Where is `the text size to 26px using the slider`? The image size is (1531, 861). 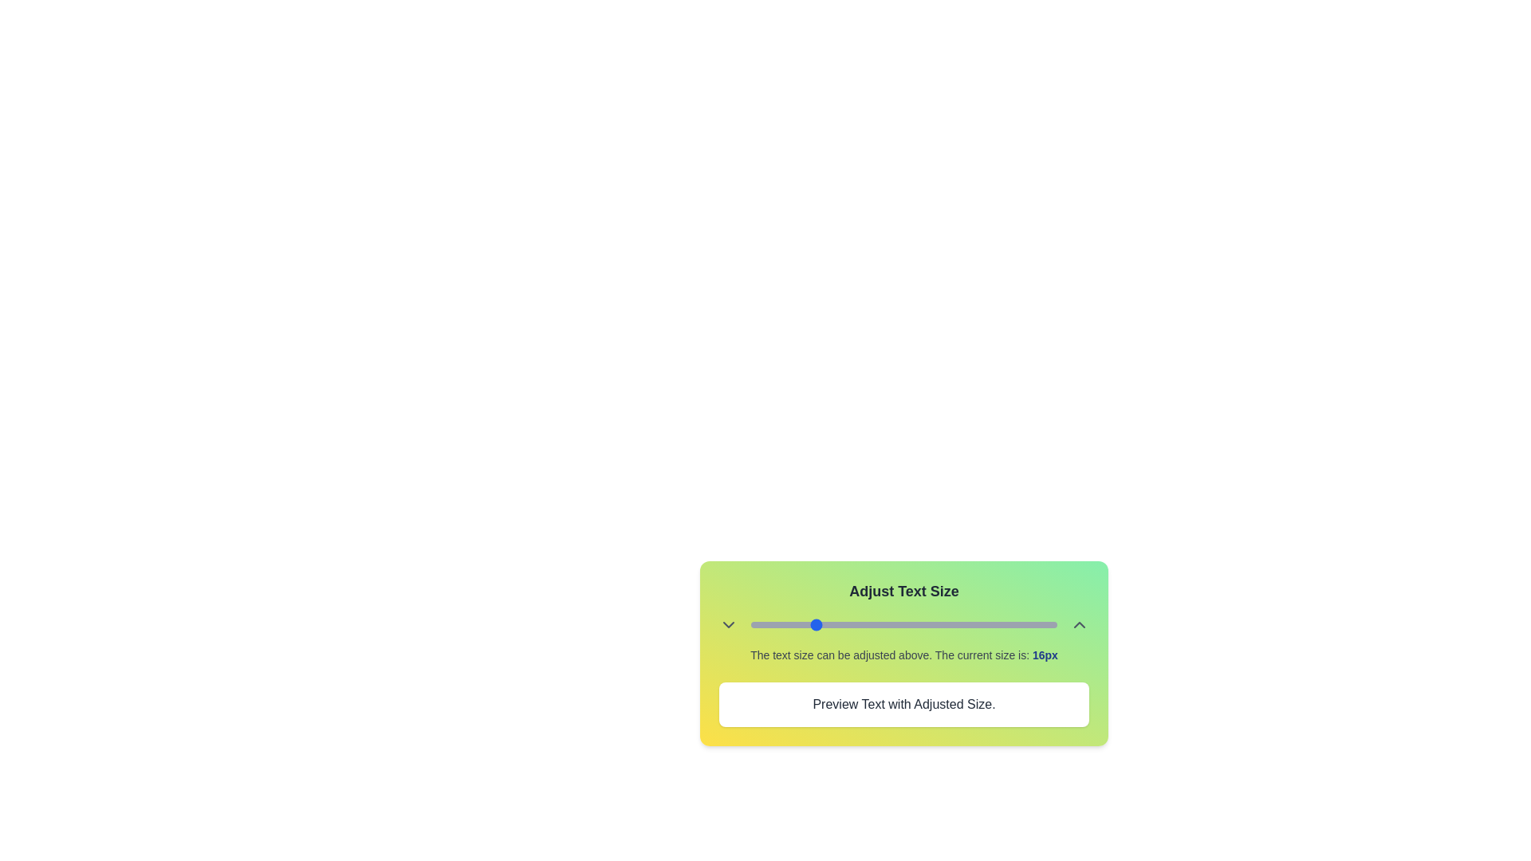
the text size to 26px using the slider is located at coordinates (888, 623).